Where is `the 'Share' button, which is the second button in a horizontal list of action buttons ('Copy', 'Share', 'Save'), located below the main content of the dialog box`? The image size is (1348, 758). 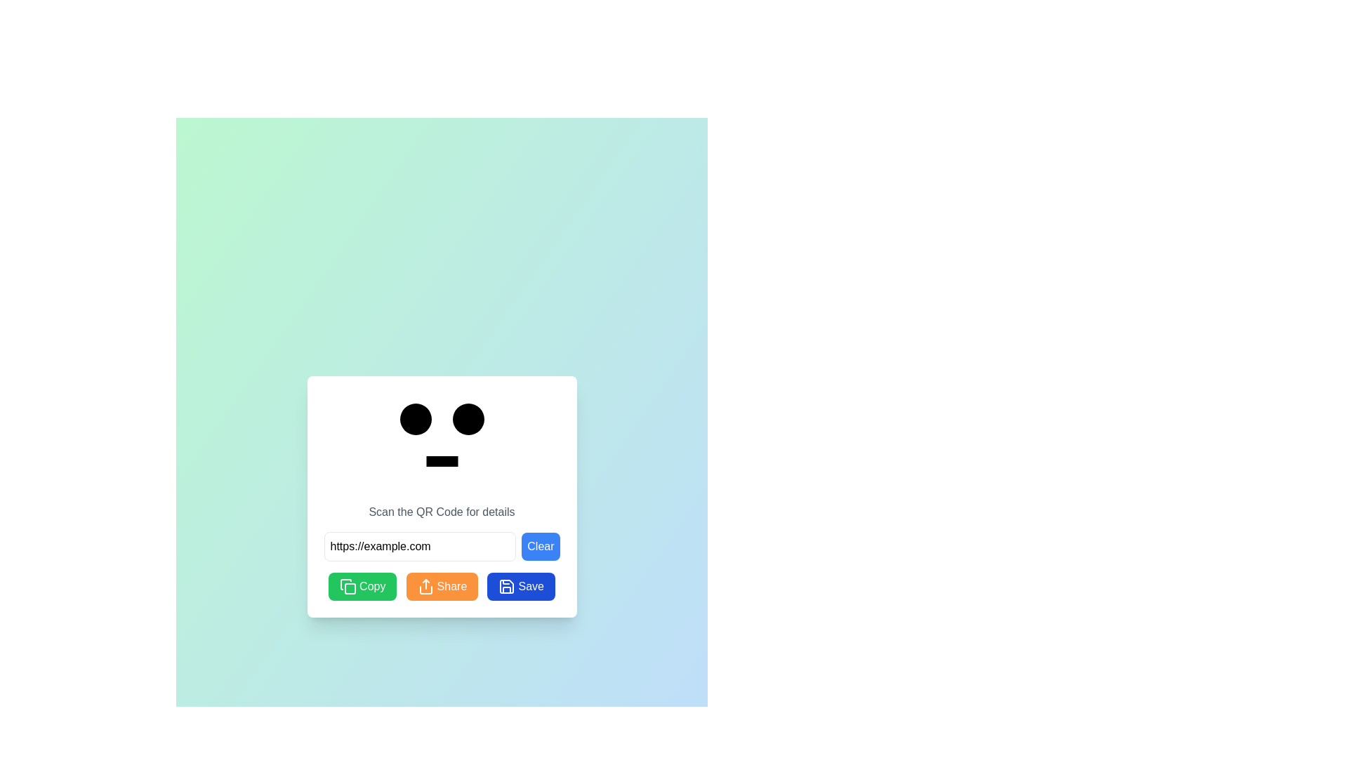 the 'Share' button, which is the second button in a horizontal list of action buttons ('Copy', 'Share', 'Save'), located below the main content of the dialog box is located at coordinates (441, 587).